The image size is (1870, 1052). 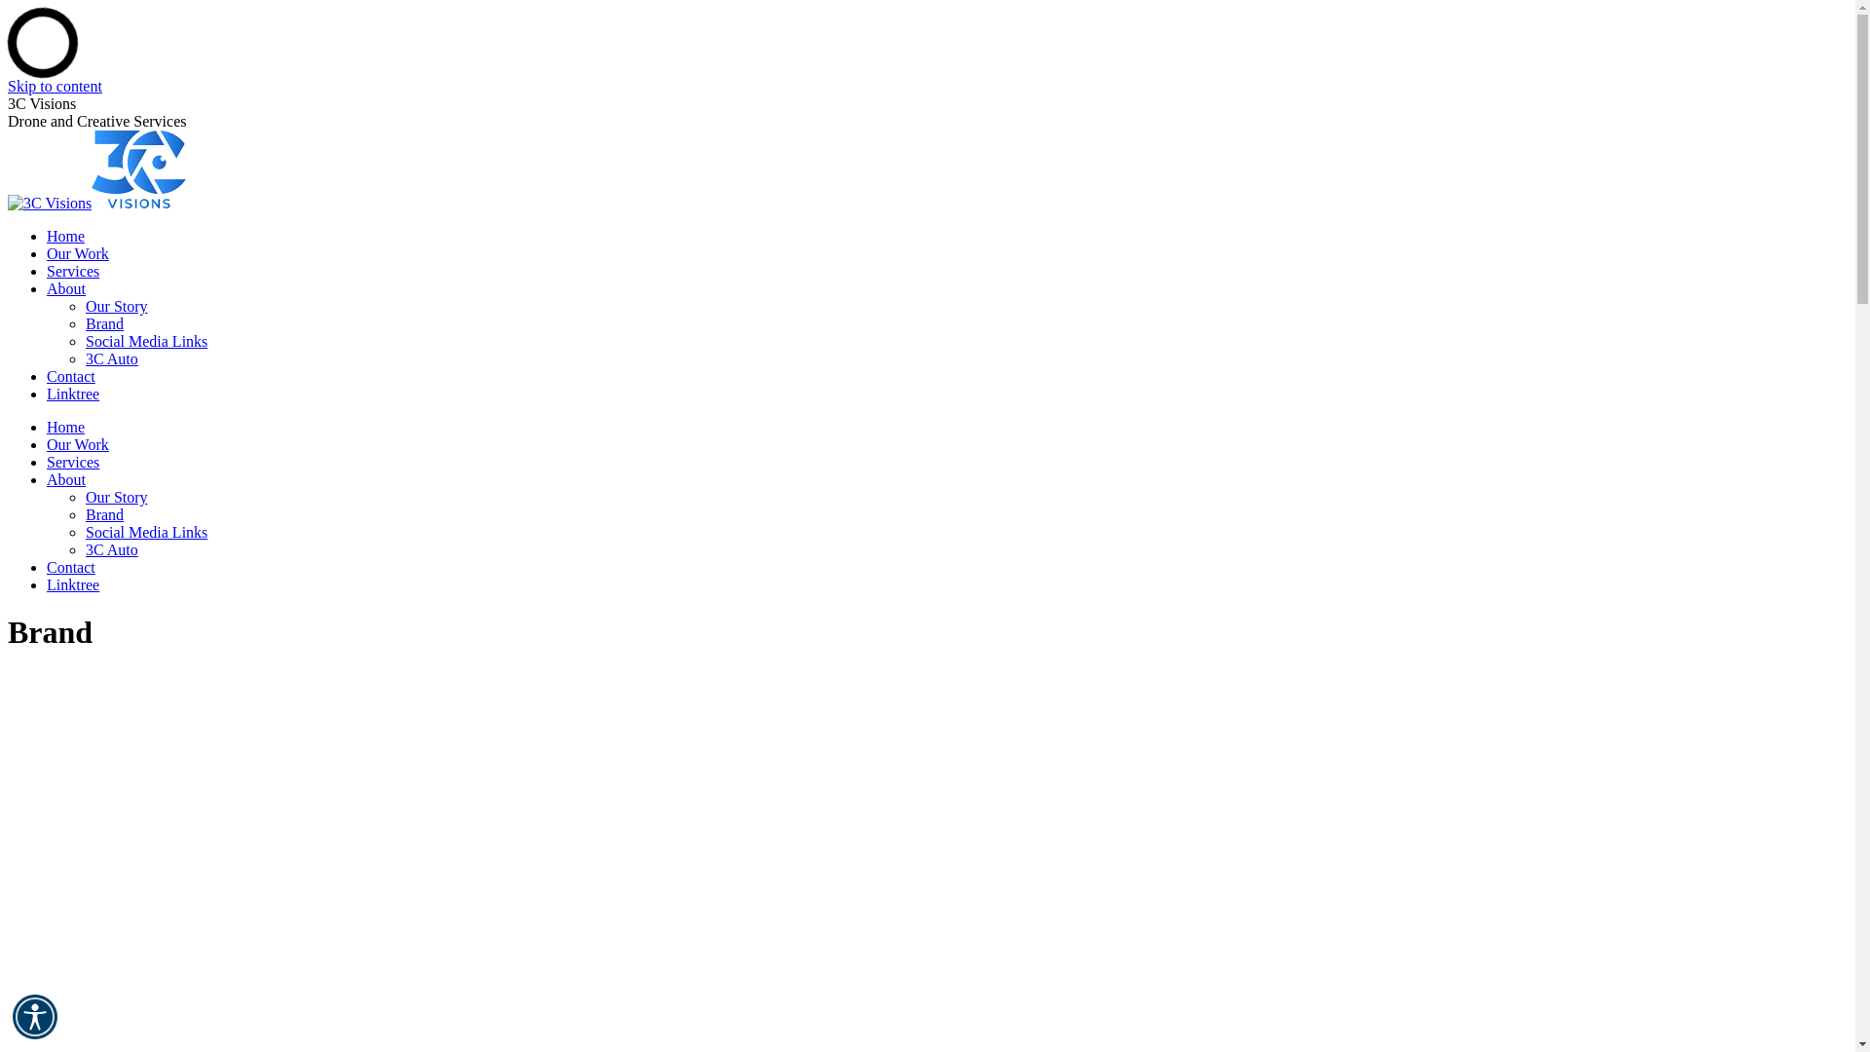 I want to click on 'Contact', so click(x=70, y=376).